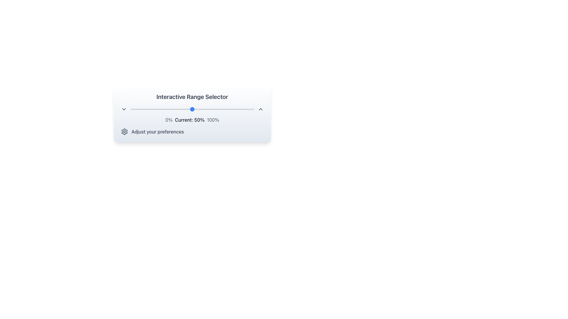 The image size is (568, 319). Describe the element at coordinates (123, 109) in the screenshot. I see `the downward-facing chevron icon on the left side of the control bar` at that location.